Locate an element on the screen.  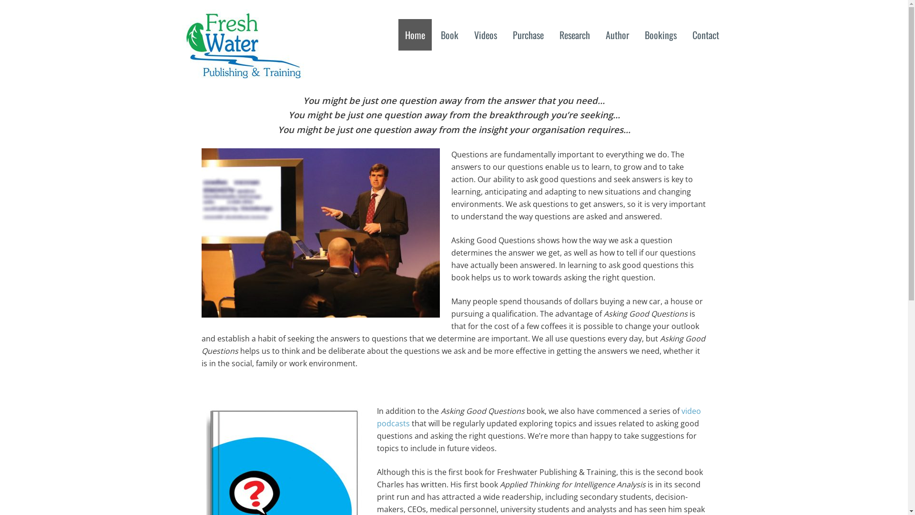
'Author' is located at coordinates (617, 34).